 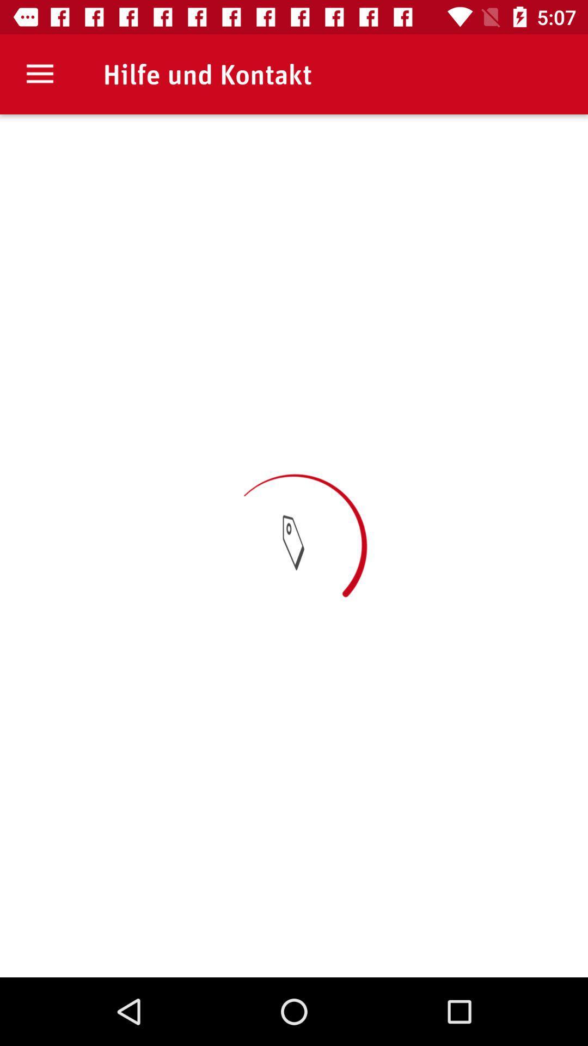 I want to click on item at the top left corner, so click(x=39, y=74).